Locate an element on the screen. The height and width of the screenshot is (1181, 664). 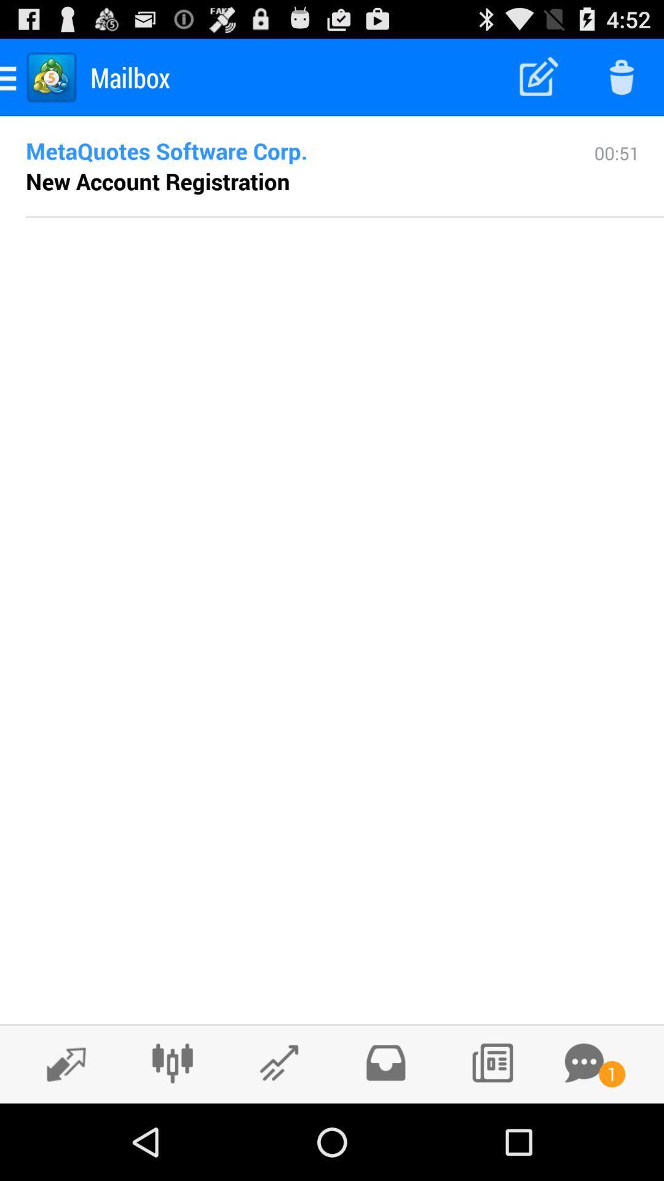
the icon to the left of the 00:51 icon is located at coordinates (290, 150).